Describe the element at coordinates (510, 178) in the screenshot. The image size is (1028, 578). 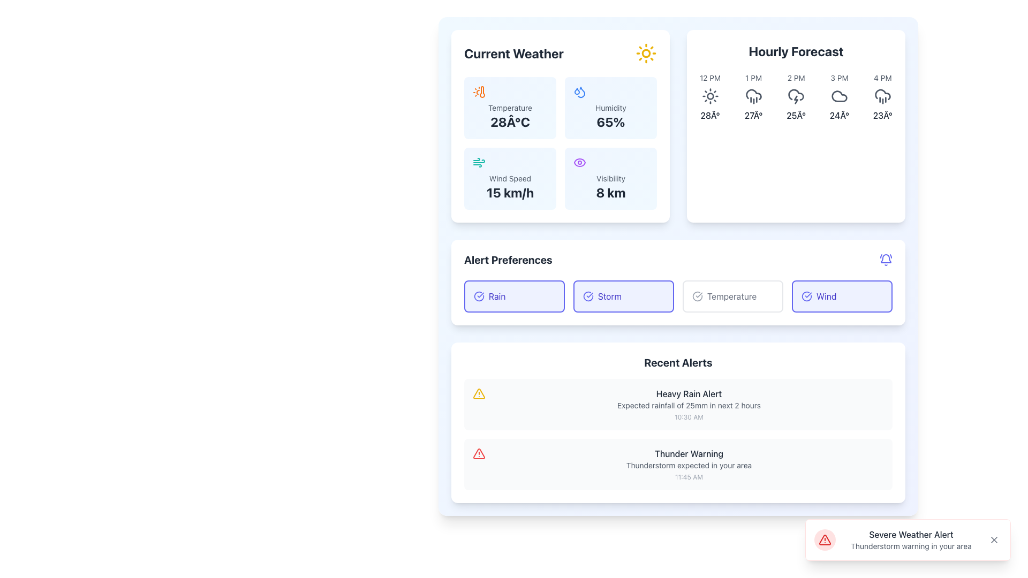
I see `the wind speed information card, the third card in the grid under the 'Current Weather' section, which provides read-only wind speed data` at that location.